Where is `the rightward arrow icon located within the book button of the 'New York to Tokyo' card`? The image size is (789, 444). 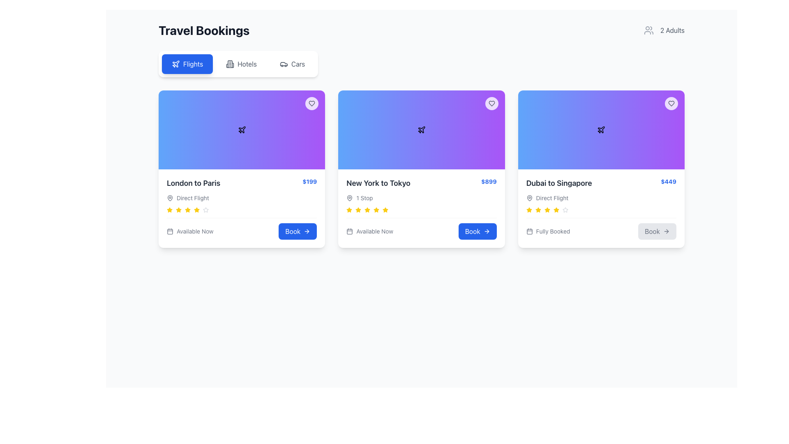
the rightward arrow icon located within the book button of the 'New York to Tokyo' card is located at coordinates (487, 231).